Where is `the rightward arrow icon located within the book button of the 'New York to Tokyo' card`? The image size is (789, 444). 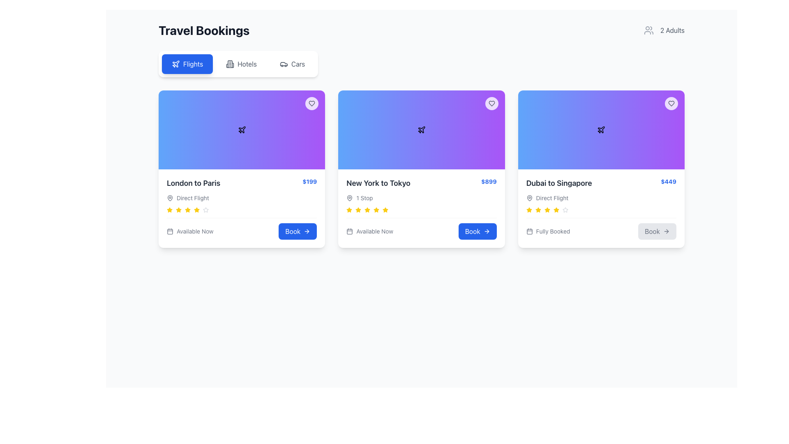
the rightward arrow icon located within the book button of the 'New York to Tokyo' card is located at coordinates (487, 231).